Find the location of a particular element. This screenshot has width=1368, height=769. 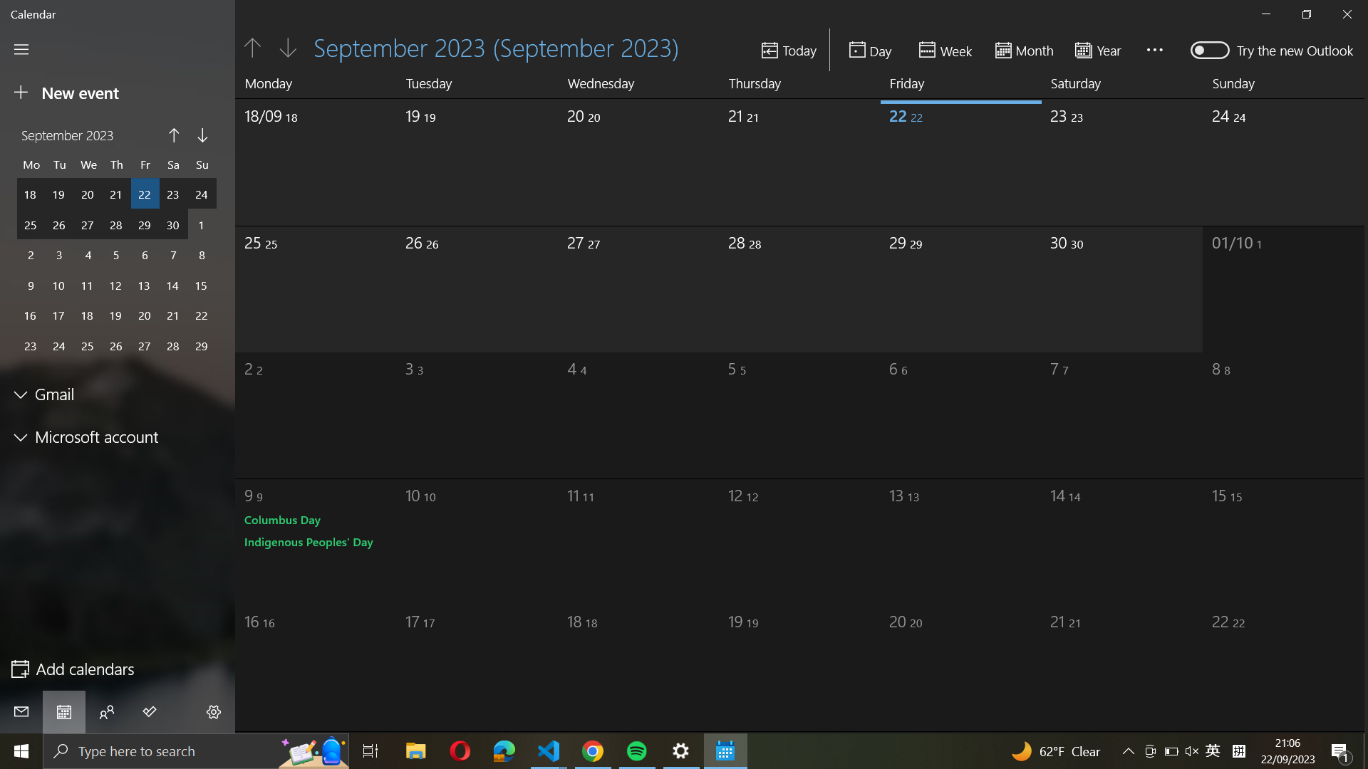

Direct to the date of today is located at coordinates (789, 49).